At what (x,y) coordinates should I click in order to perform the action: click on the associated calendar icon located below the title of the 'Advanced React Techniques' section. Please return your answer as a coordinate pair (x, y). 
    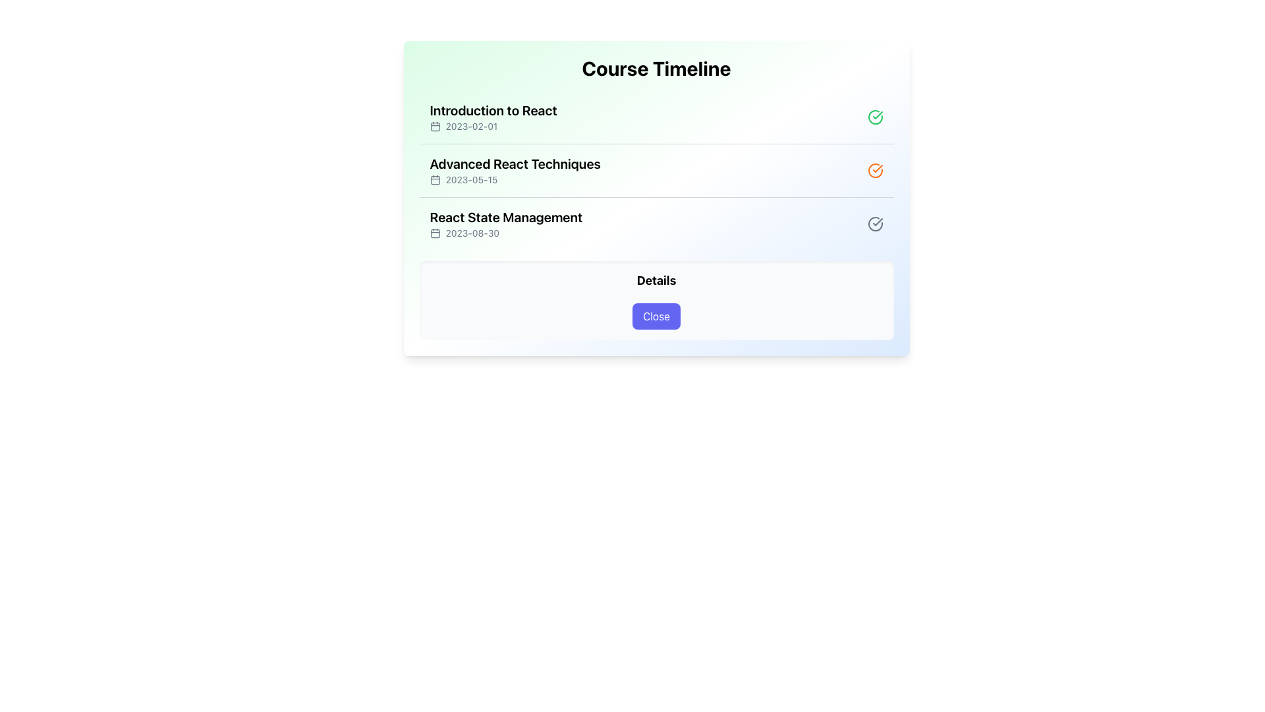
    Looking at the image, I should click on (515, 180).